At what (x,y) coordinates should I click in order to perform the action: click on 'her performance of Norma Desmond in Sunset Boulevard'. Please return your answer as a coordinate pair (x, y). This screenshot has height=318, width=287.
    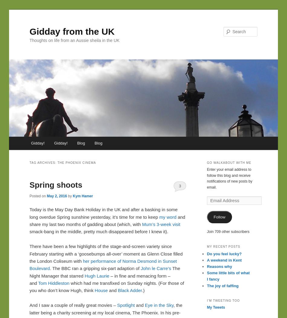
    Looking at the image, I should click on (102, 265).